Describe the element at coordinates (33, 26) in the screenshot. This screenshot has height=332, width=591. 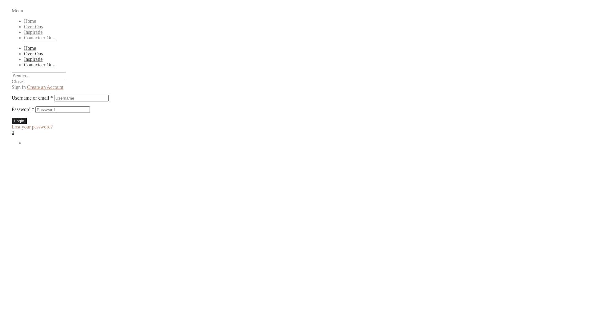
I see `'Over Ons'` at that location.